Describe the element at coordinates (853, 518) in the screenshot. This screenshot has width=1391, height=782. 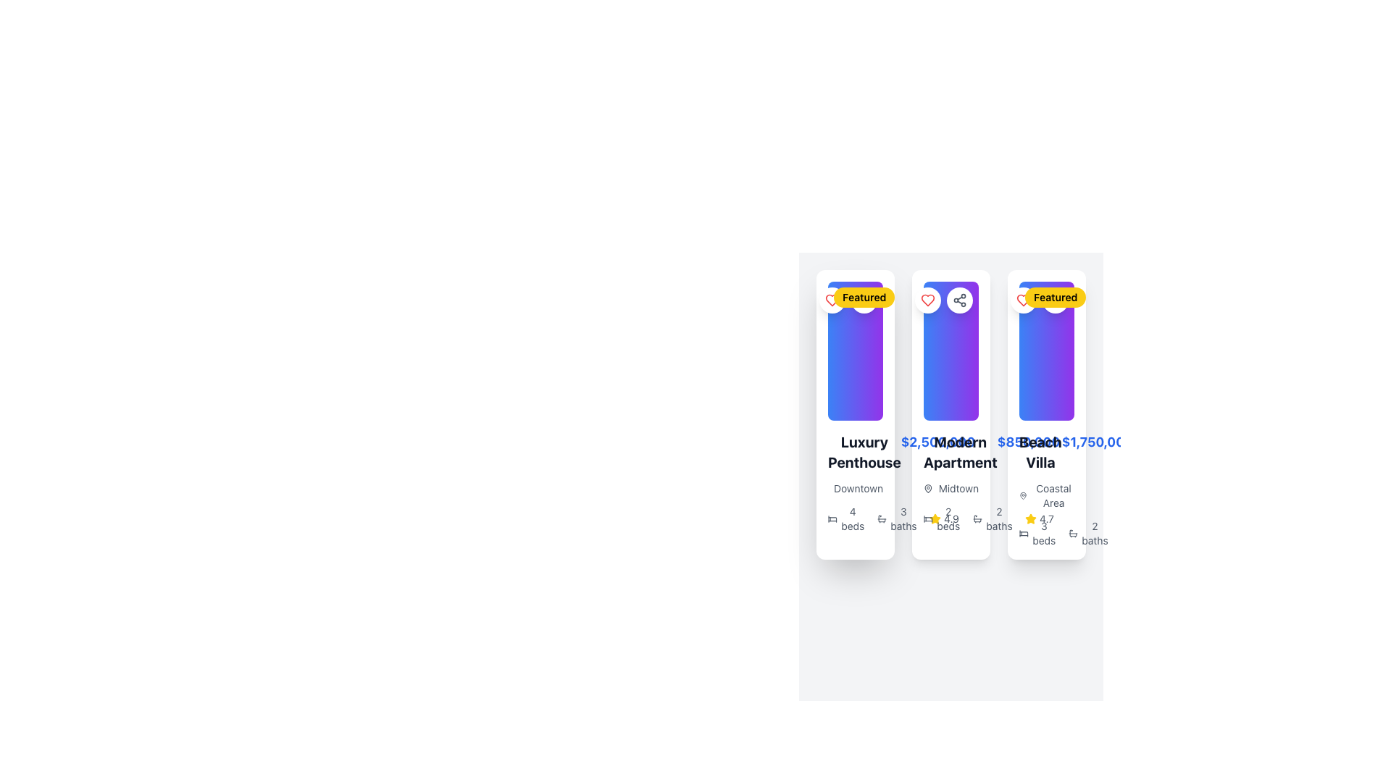
I see `text label that indicates the number of bedrooms available in the property, which is the second element in the horizontal group of property features below the title 'Luxury Penthouse'` at that location.